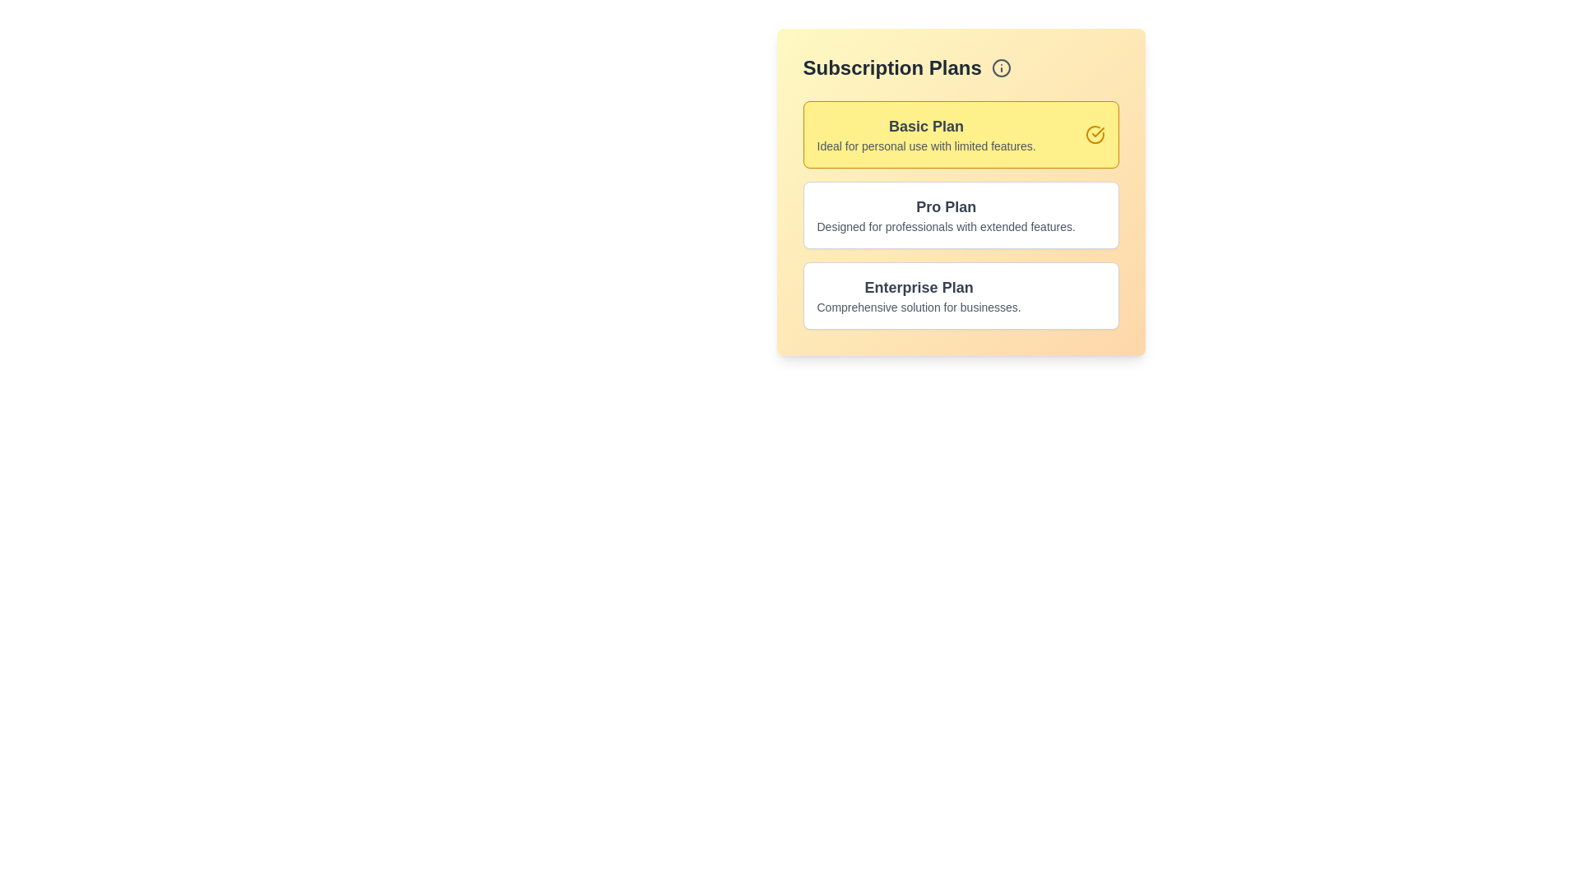 This screenshot has width=1579, height=888. I want to click on the 'Pro Plan' Information Card, which is a rectangular panel with a white background and grey border, located in the middle of the three options, so click(961, 215).